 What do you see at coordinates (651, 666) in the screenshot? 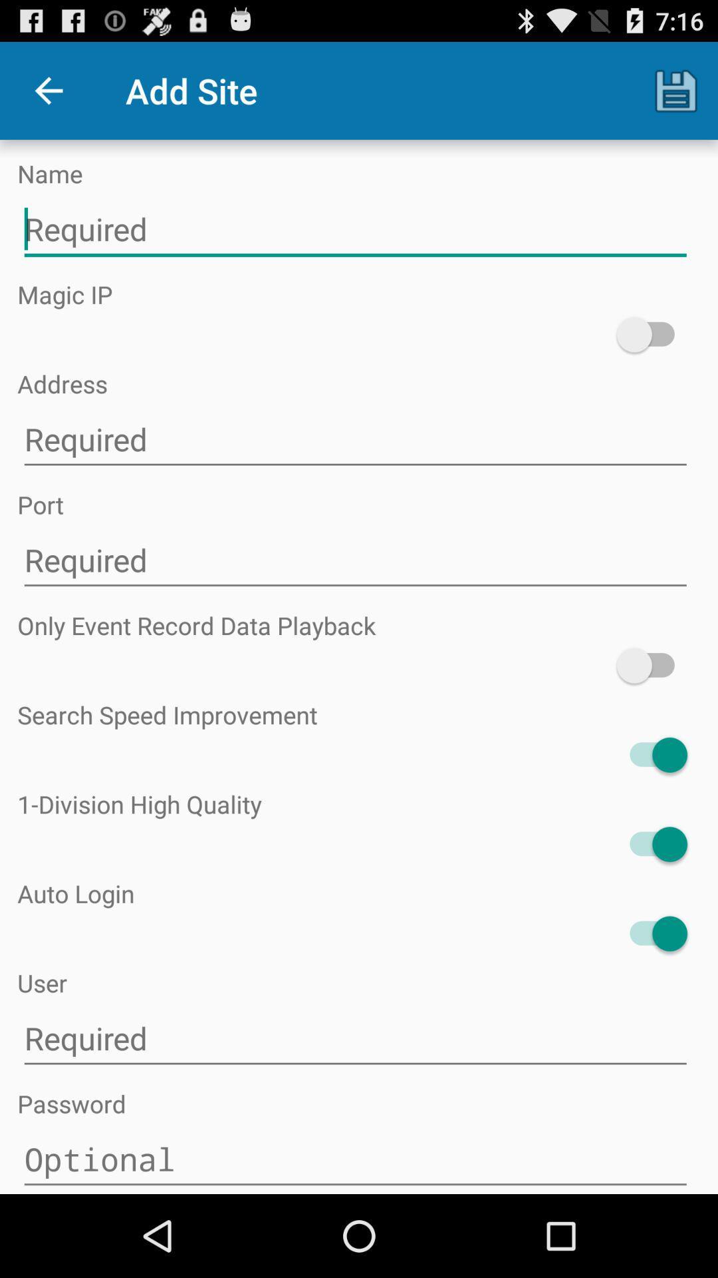
I see `on` at bounding box center [651, 666].